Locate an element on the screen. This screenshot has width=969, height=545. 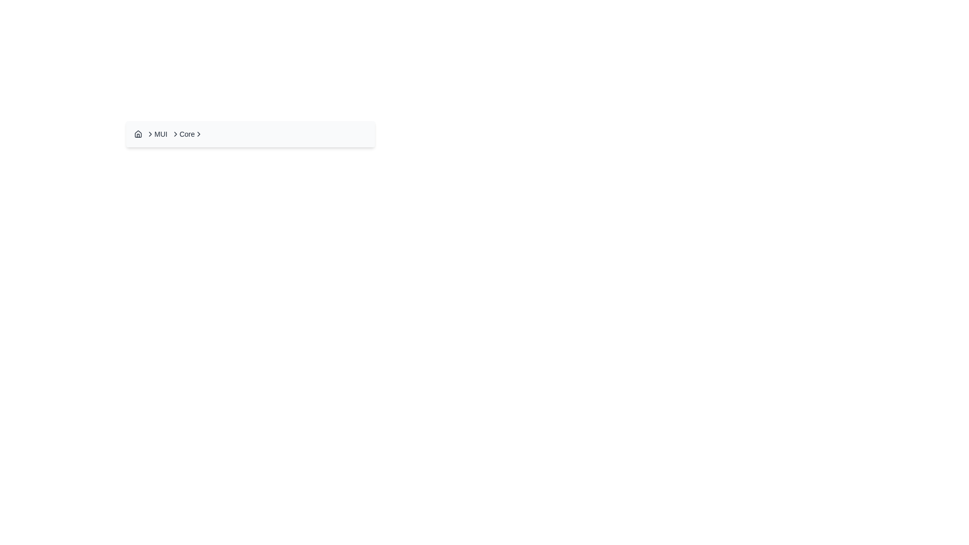
the navigation icon that represents the homepage, located immediately to the left of the text 'MUI' is located at coordinates (137, 134).